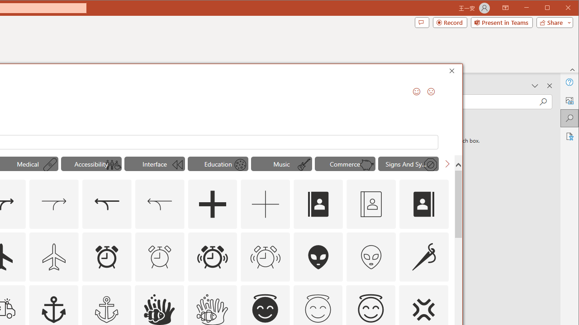 This screenshot has width=579, height=325. Describe the element at coordinates (304, 165) in the screenshot. I see `'AutomationID: Icons_ElectricGuitar_M'` at that location.